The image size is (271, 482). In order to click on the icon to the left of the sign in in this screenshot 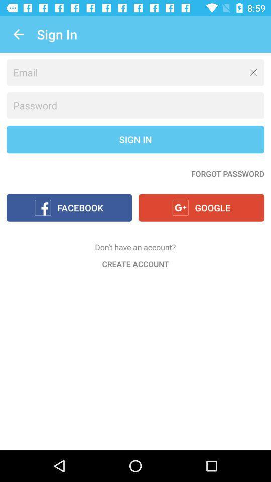, I will do `click(18, 34)`.